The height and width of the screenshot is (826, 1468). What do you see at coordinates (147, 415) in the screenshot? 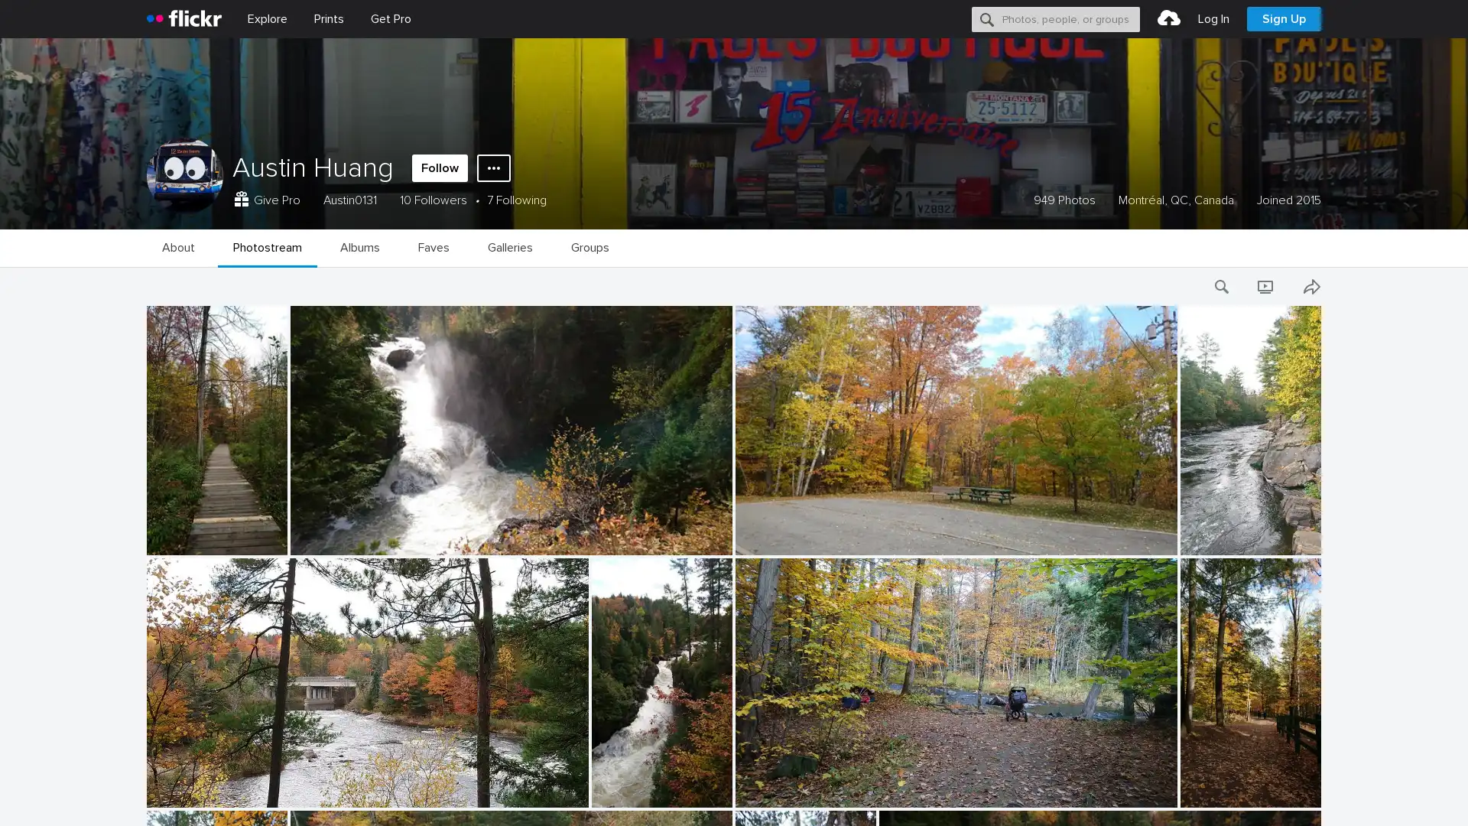
I see `Add to Favorites` at bounding box center [147, 415].